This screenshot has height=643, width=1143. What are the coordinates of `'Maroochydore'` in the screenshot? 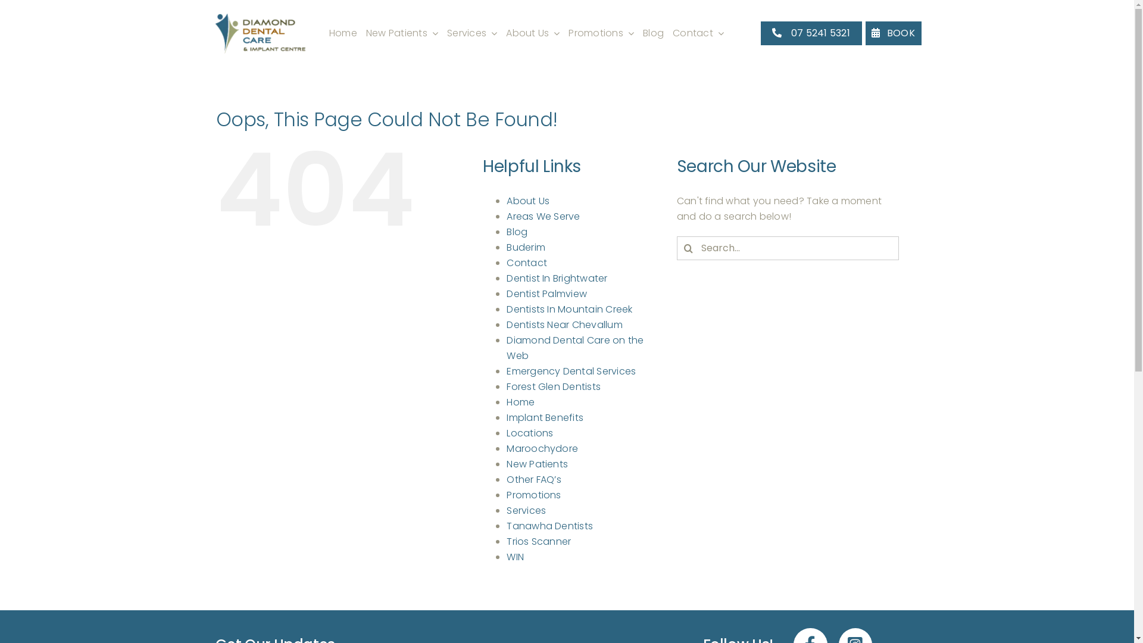 It's located at (542, 448).